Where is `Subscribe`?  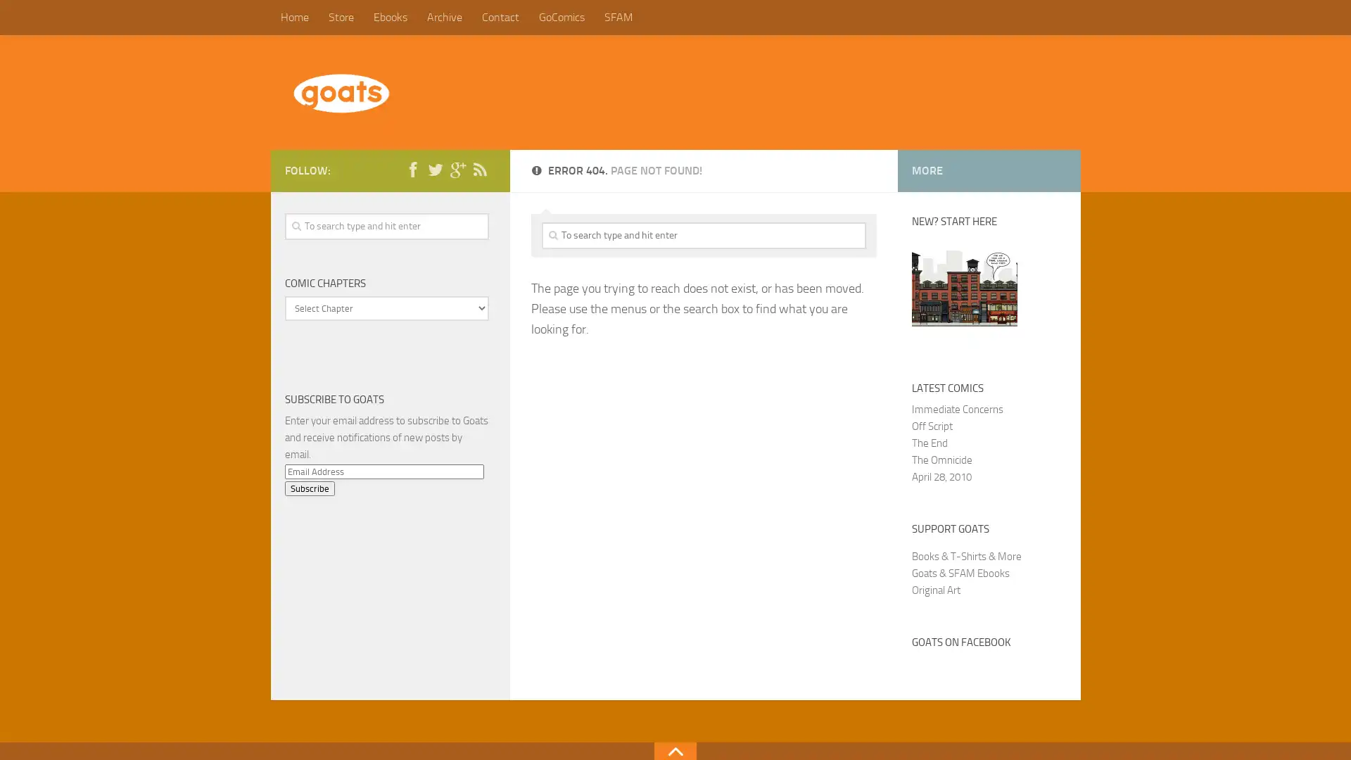 Subscribe is located at coordinates (308, 487).